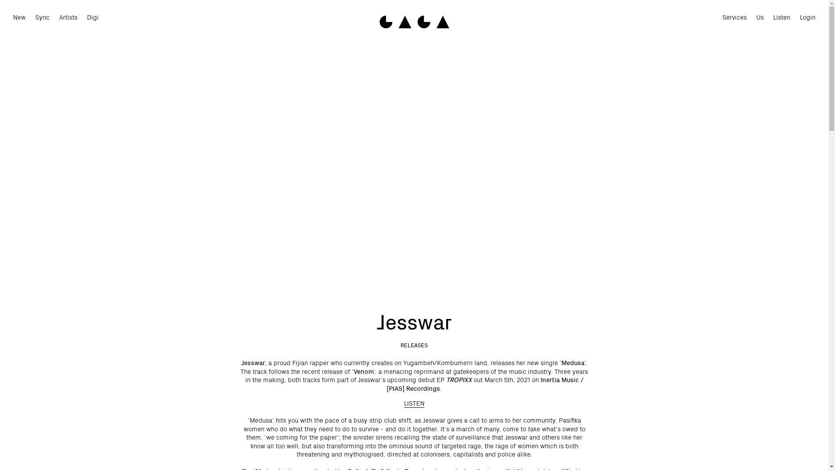  I want to click on 'Artists', so click(68, 17).